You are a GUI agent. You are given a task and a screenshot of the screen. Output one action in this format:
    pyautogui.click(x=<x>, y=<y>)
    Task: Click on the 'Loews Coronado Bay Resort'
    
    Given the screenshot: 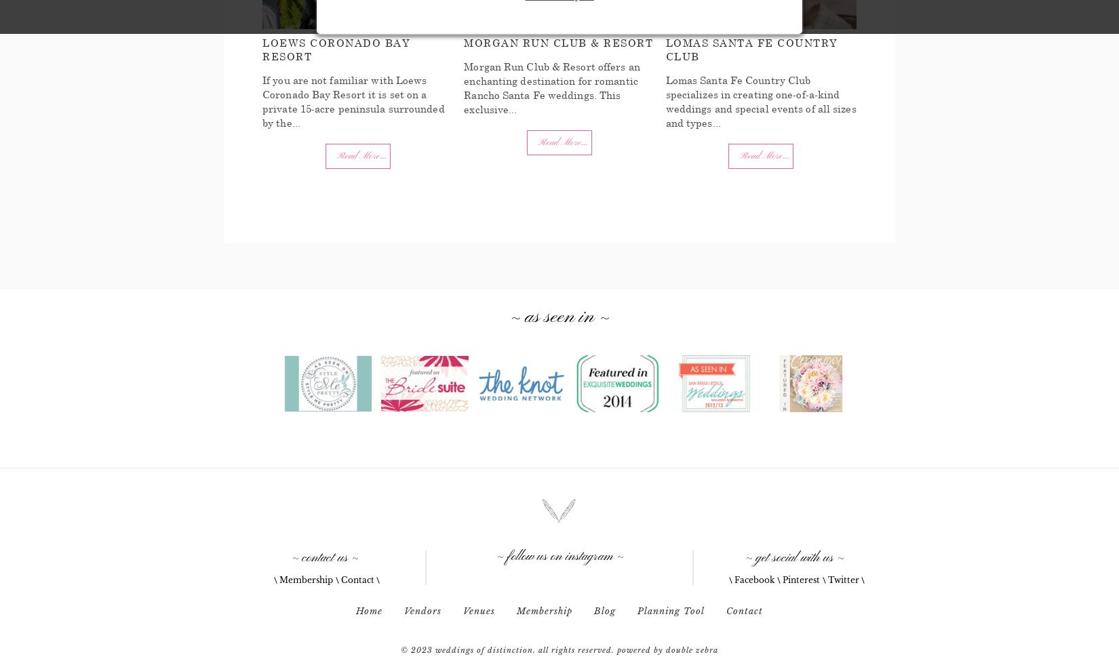 What is the action you would take?
    pyautogui.click(x=335, y=48)
    